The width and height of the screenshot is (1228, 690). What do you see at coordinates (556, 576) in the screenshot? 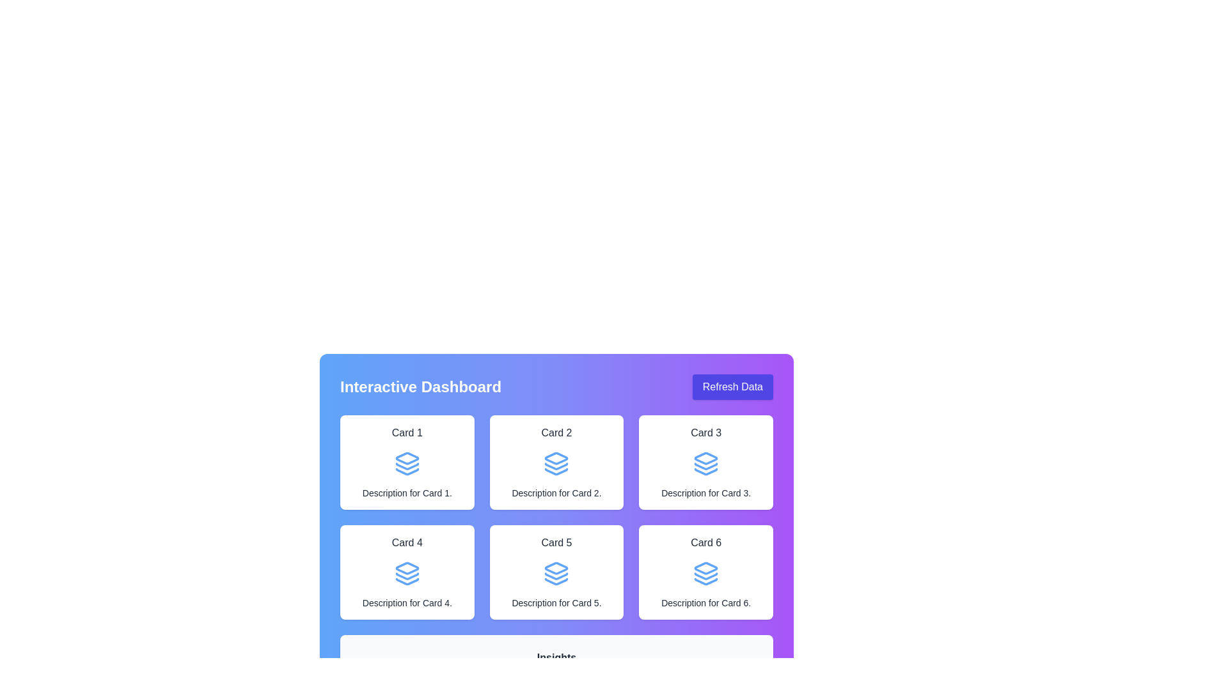
I see `the graphical icon representing the middle layer of a stack, located in Card 5, second row, second column` at bounding box center [556, 576].